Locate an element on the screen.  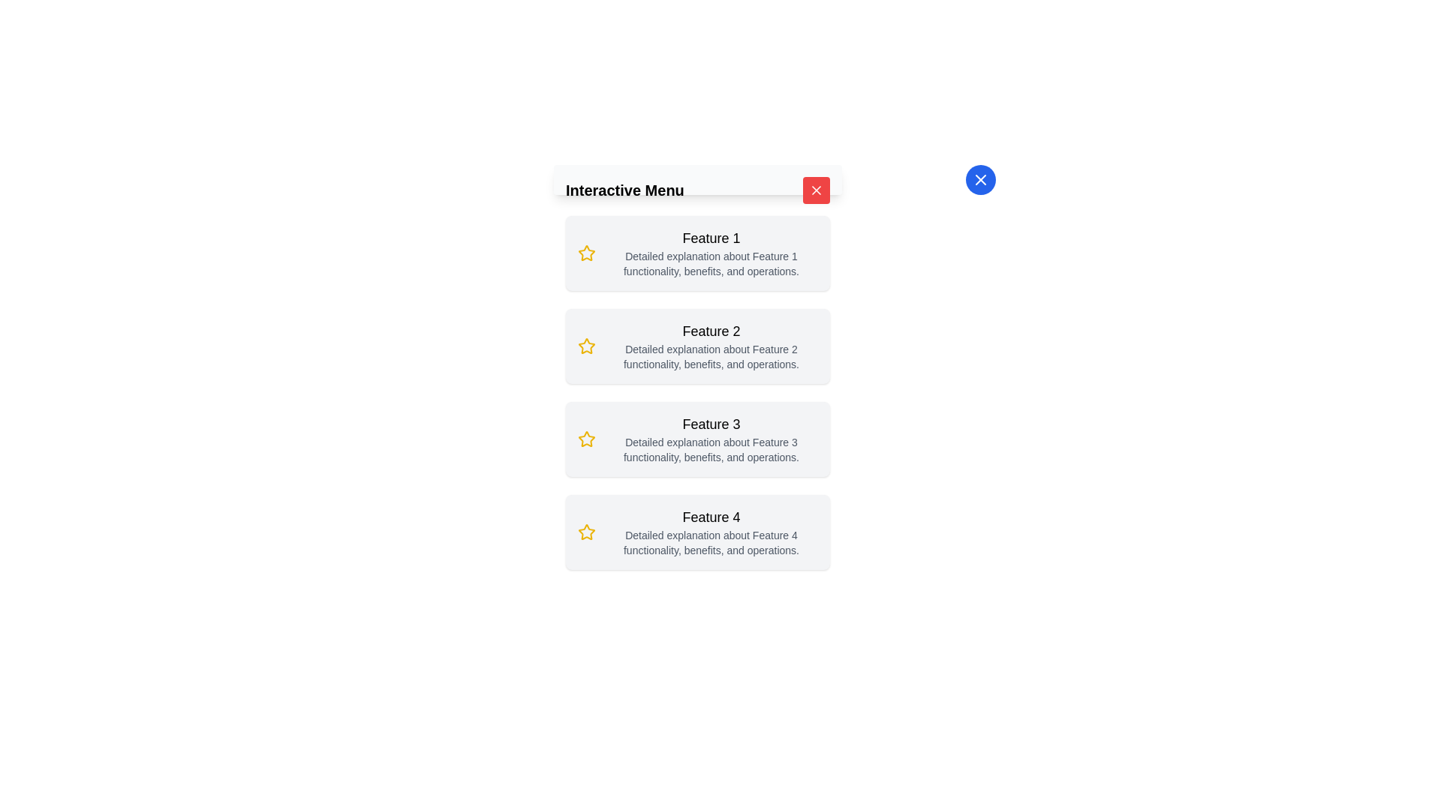
the text label that reads 'Detailed explanation about Feature 2 functionality, benefits, and operations.' which is located directly below the title 'Feature 2' is located at coordinates (711, 356).